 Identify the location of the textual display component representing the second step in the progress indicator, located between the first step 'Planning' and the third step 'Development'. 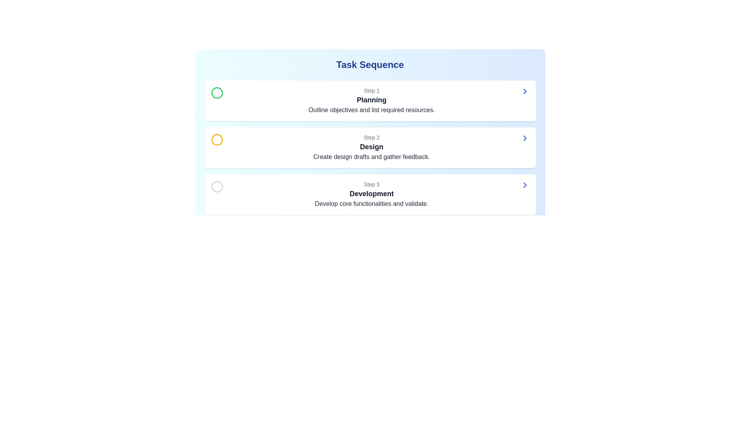
(371, 148).